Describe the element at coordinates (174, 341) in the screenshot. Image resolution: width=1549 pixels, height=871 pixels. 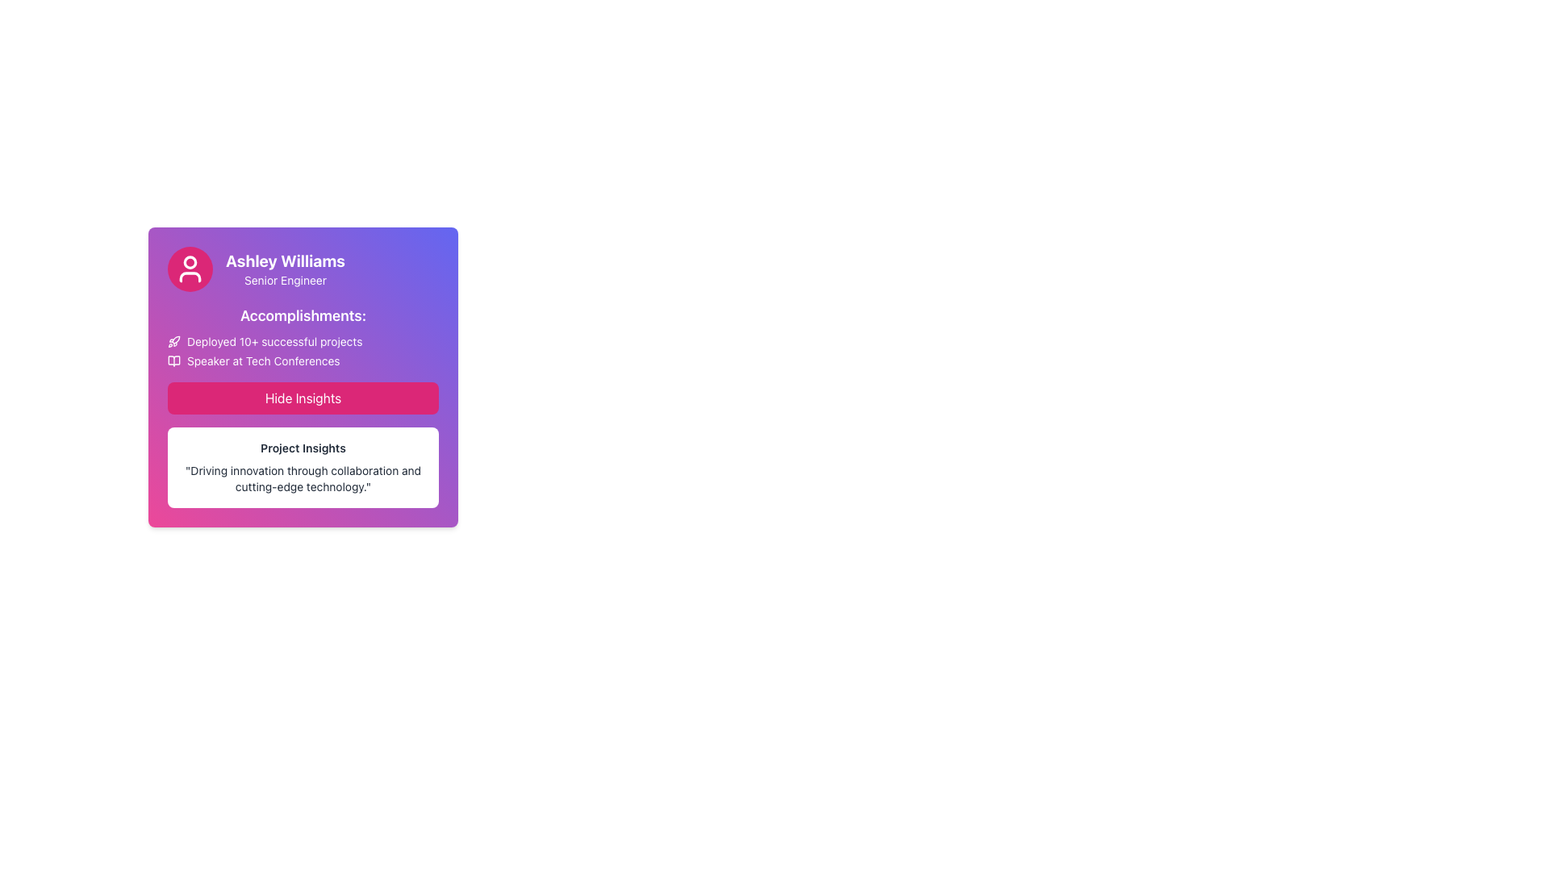
I see `the SVG graphics icon representing a rocket located to the left of the text 'Deployed 10+ successful projects' in Ashley Williams' profile card` at that location.